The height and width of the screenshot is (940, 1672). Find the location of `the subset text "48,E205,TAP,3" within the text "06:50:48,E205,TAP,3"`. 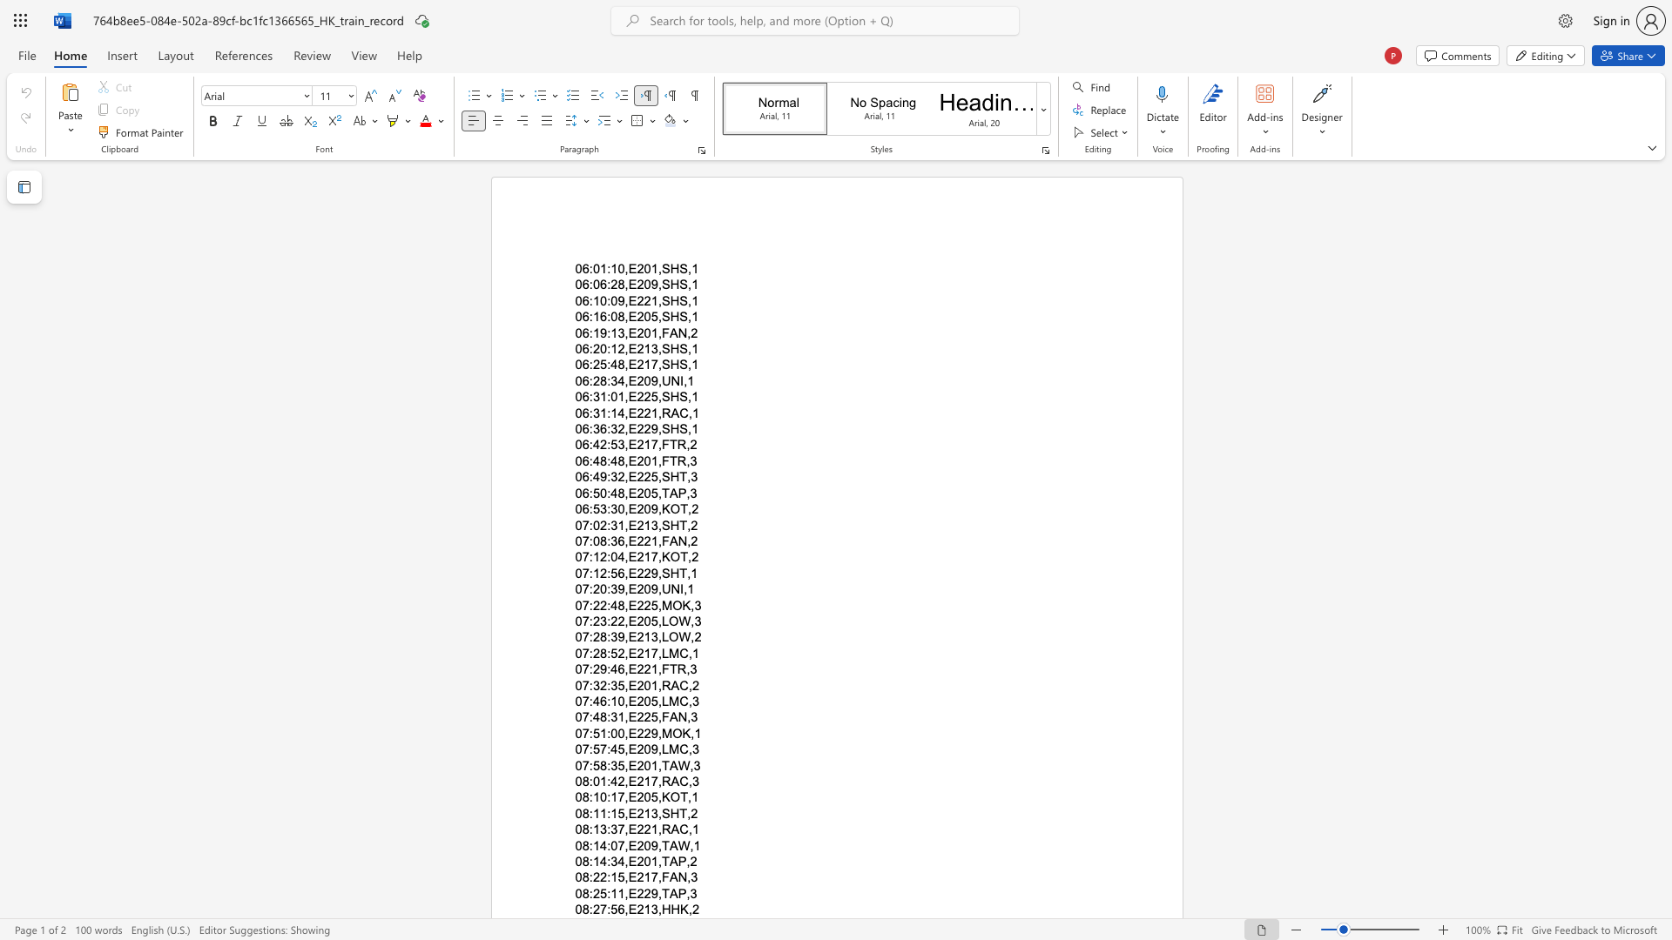

the subset text "48,E205,TAP,3" within the text "06:50:48,E205,TAP,3" is located at coordinates (610, 493).